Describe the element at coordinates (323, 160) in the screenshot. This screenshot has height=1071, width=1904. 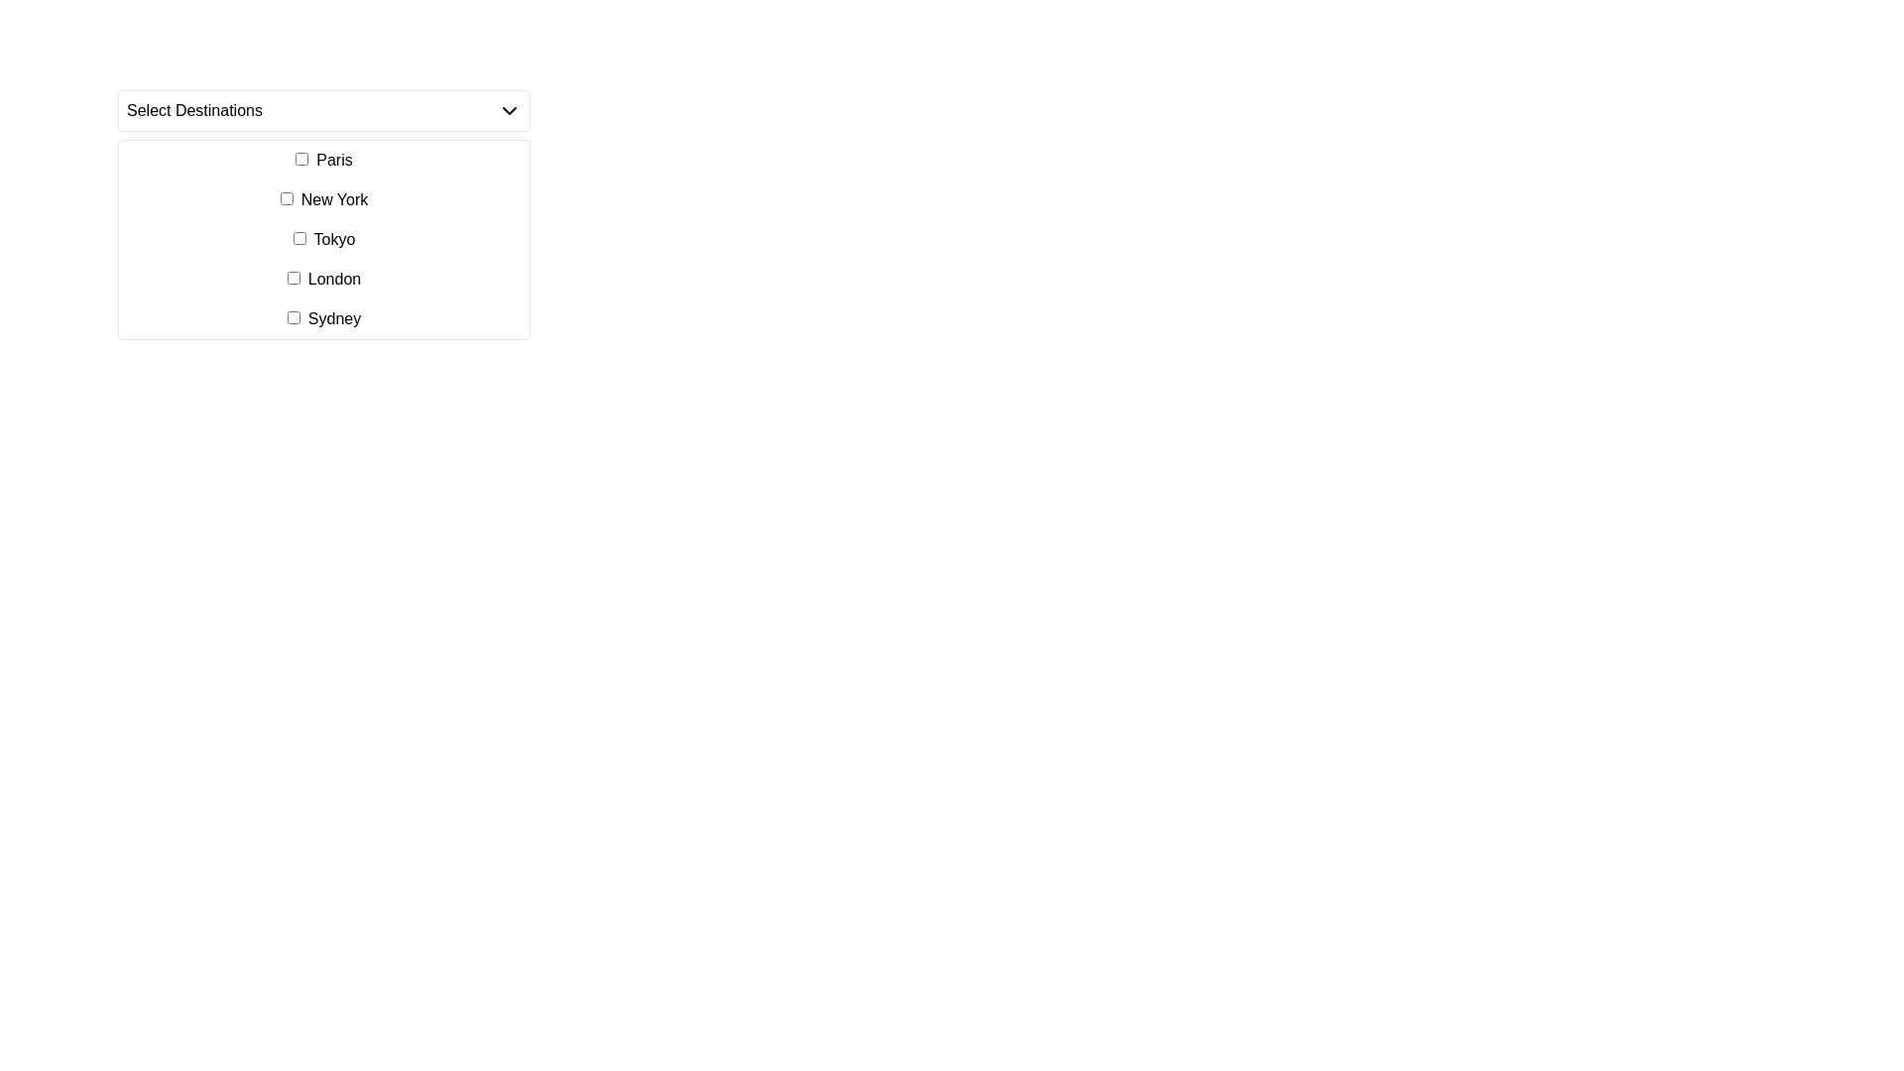
I see `the label 'Paris'` at that location.